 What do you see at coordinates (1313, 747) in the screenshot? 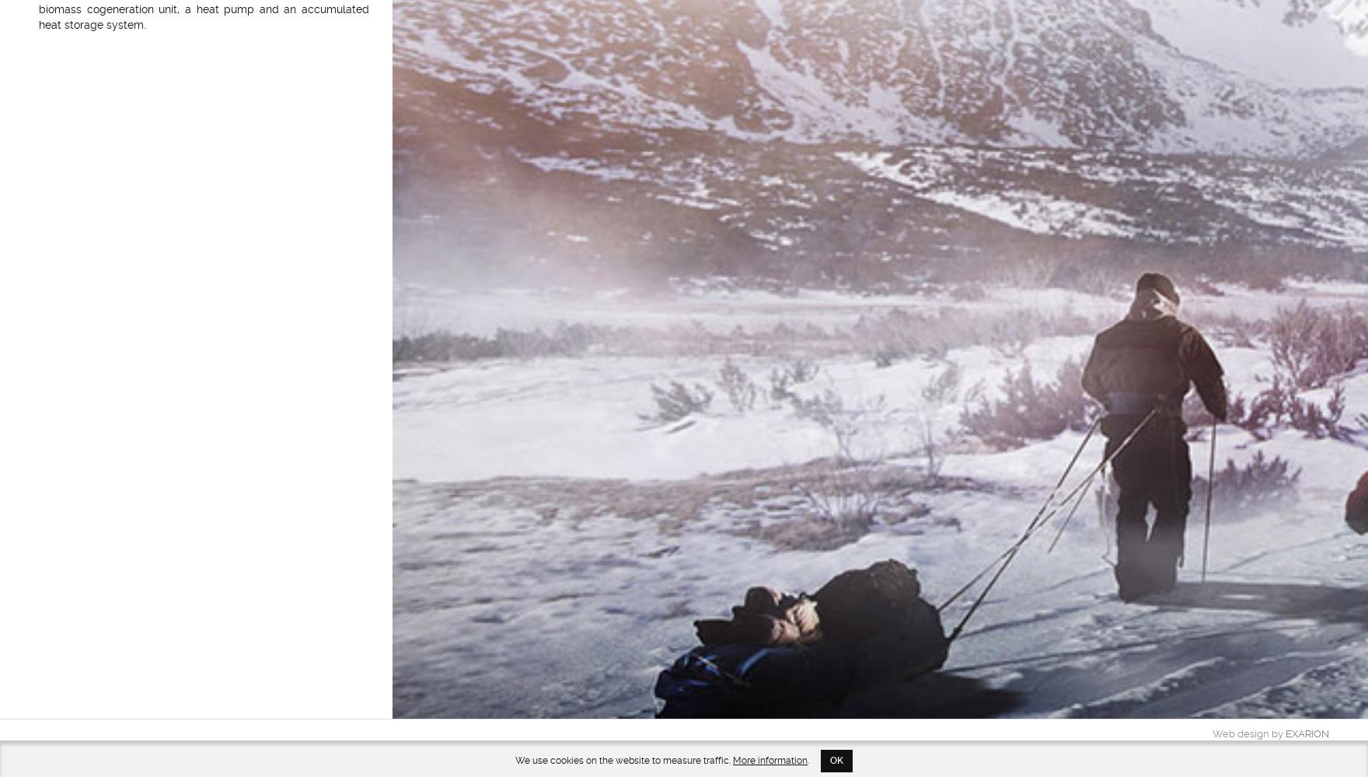
I see `'ŠINDA'` at bounding box center [1313, 747].